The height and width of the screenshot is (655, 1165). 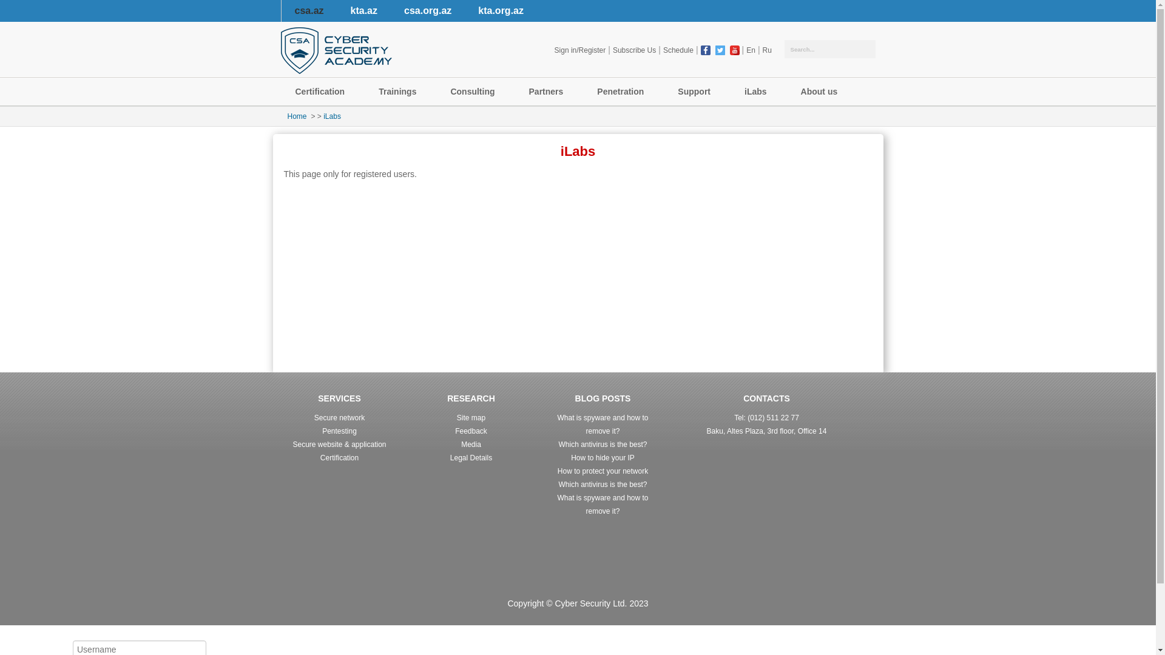 I want to click on 'Home', so click(x=297, y=116).